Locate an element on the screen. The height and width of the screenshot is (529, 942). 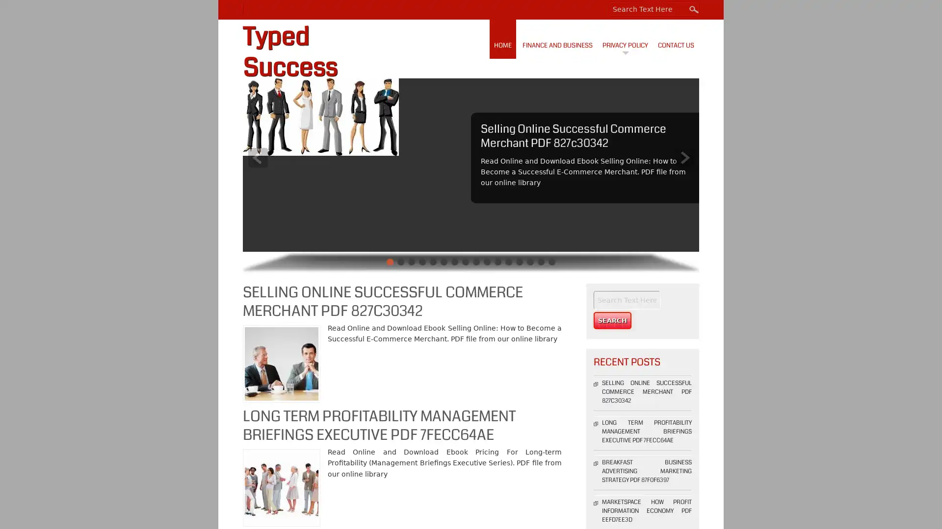
Search is located at coordinates (612, 320).